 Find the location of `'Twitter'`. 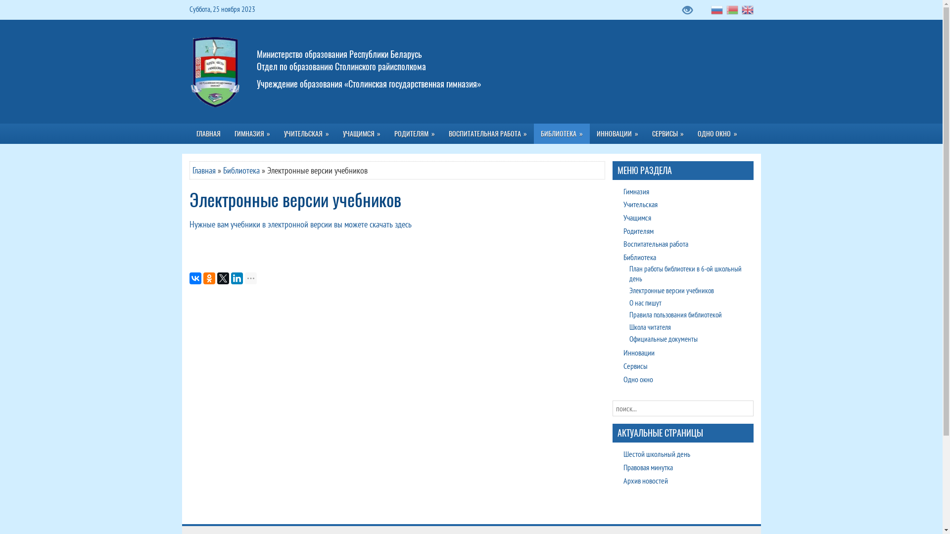

'Twitter' is located at coordinates (222, 278).